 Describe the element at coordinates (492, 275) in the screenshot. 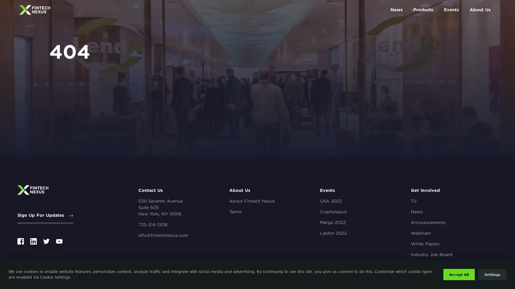

I see `Settings` at that location.